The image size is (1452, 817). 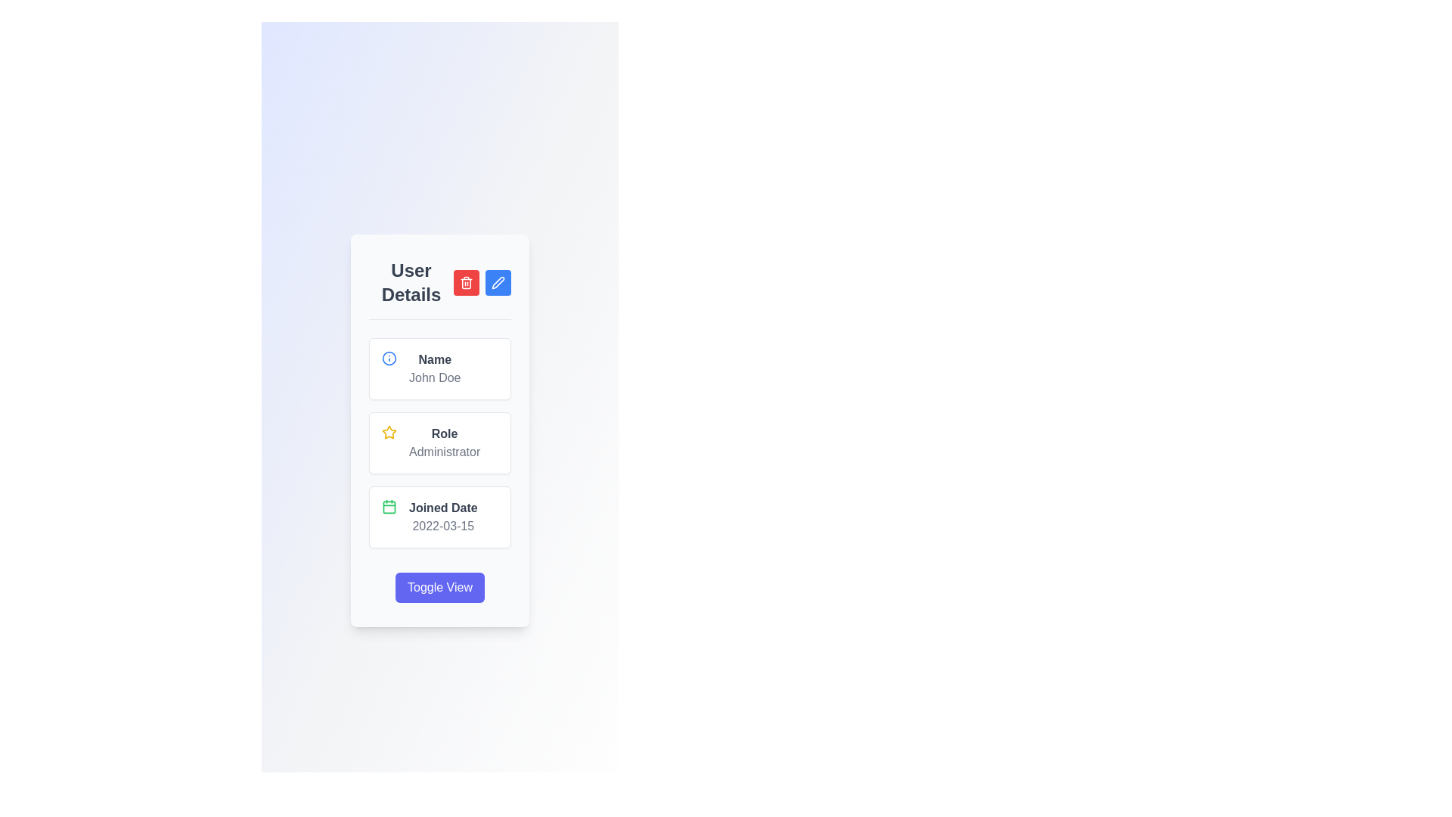 I want to click on the delete action icon button located in the upper-right area of the 'User Details' card layout, so click(x=466, y=282).